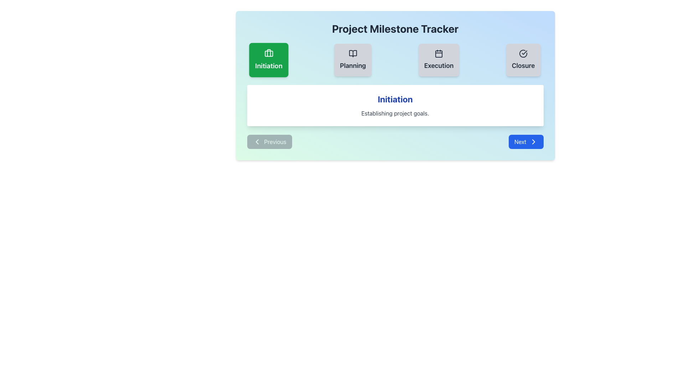 This screenshot has width=684, height=384. I want to click on the static descriptive text that explains what 'Initiation' entails, located beneath the title 'Initiation' within a white rectangular section, so click(395, 113).